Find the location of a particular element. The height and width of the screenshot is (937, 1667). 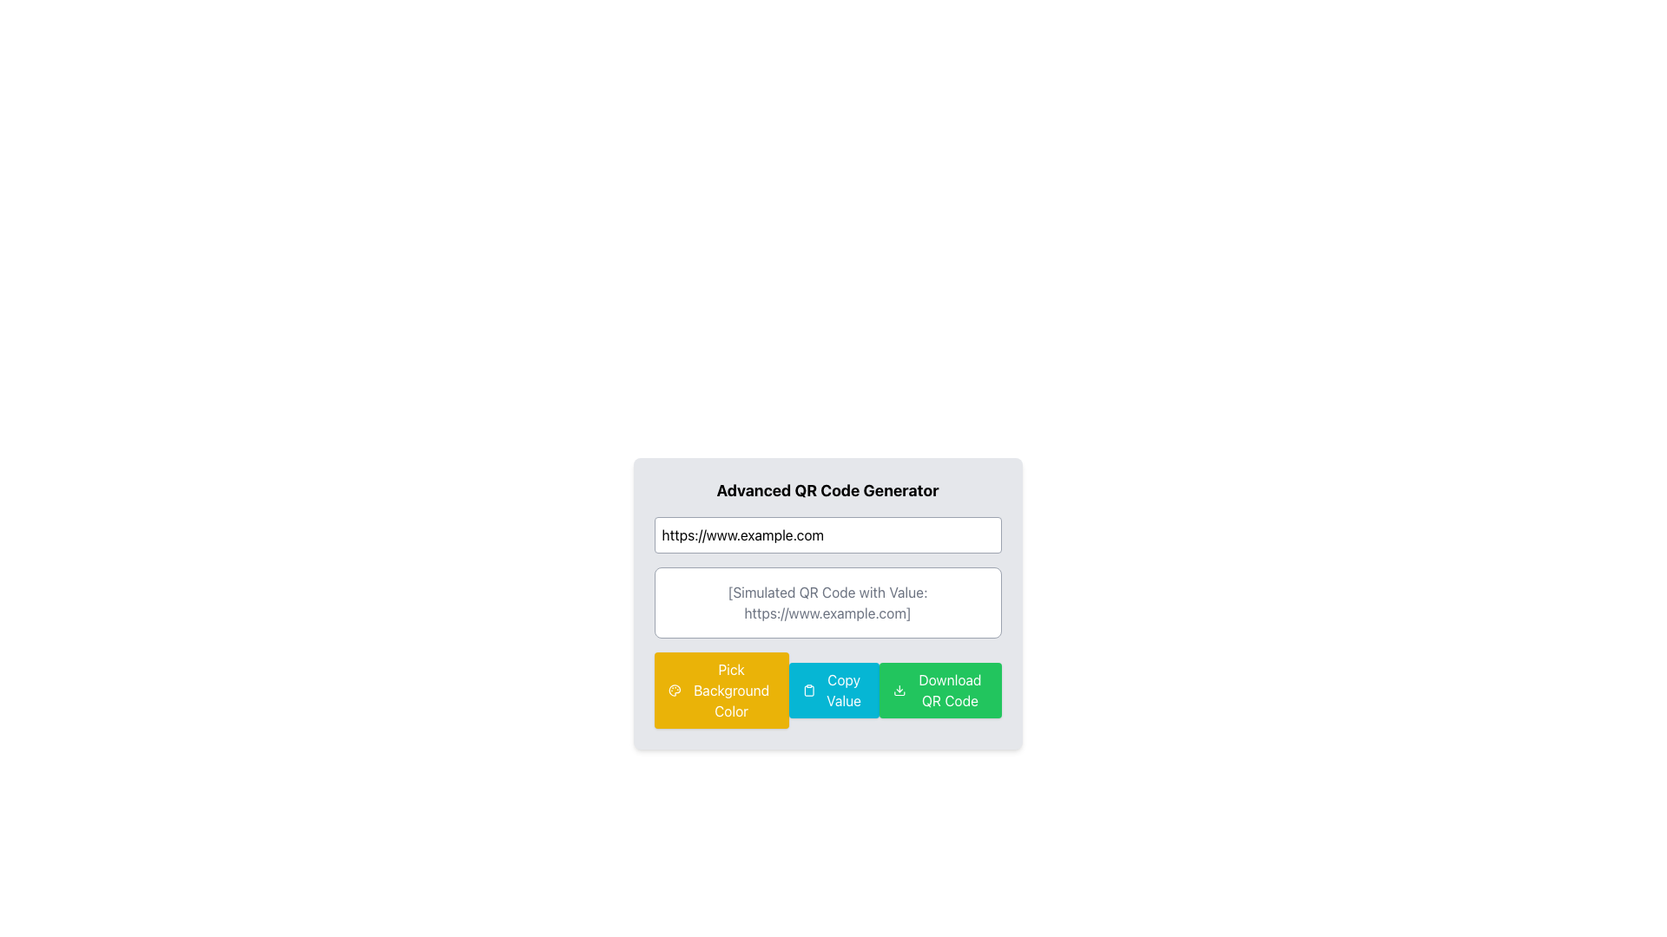

the palette icon embedded within the yellow button labeled 'Pick Background Color' is located at coordinates (673, 689).